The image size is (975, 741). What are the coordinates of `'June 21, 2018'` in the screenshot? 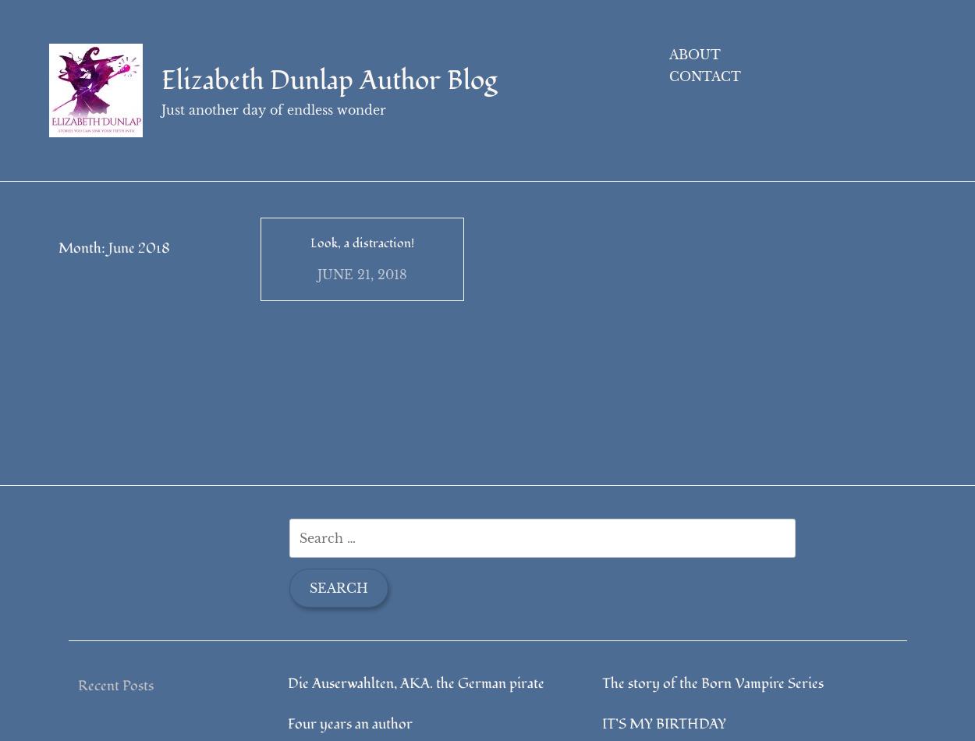 It's located at (361, 298).